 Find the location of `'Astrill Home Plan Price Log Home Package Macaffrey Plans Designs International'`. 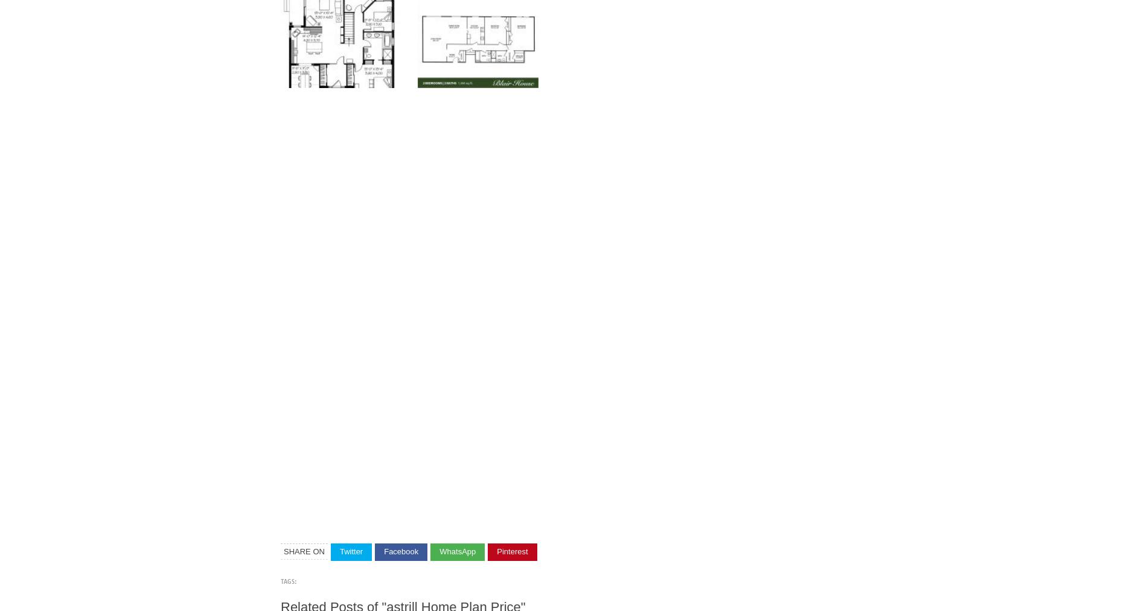

'Astrill Home Plan Price Log Home Package Macaffrey Plans Designs International' is located at coordinates (688, 297).